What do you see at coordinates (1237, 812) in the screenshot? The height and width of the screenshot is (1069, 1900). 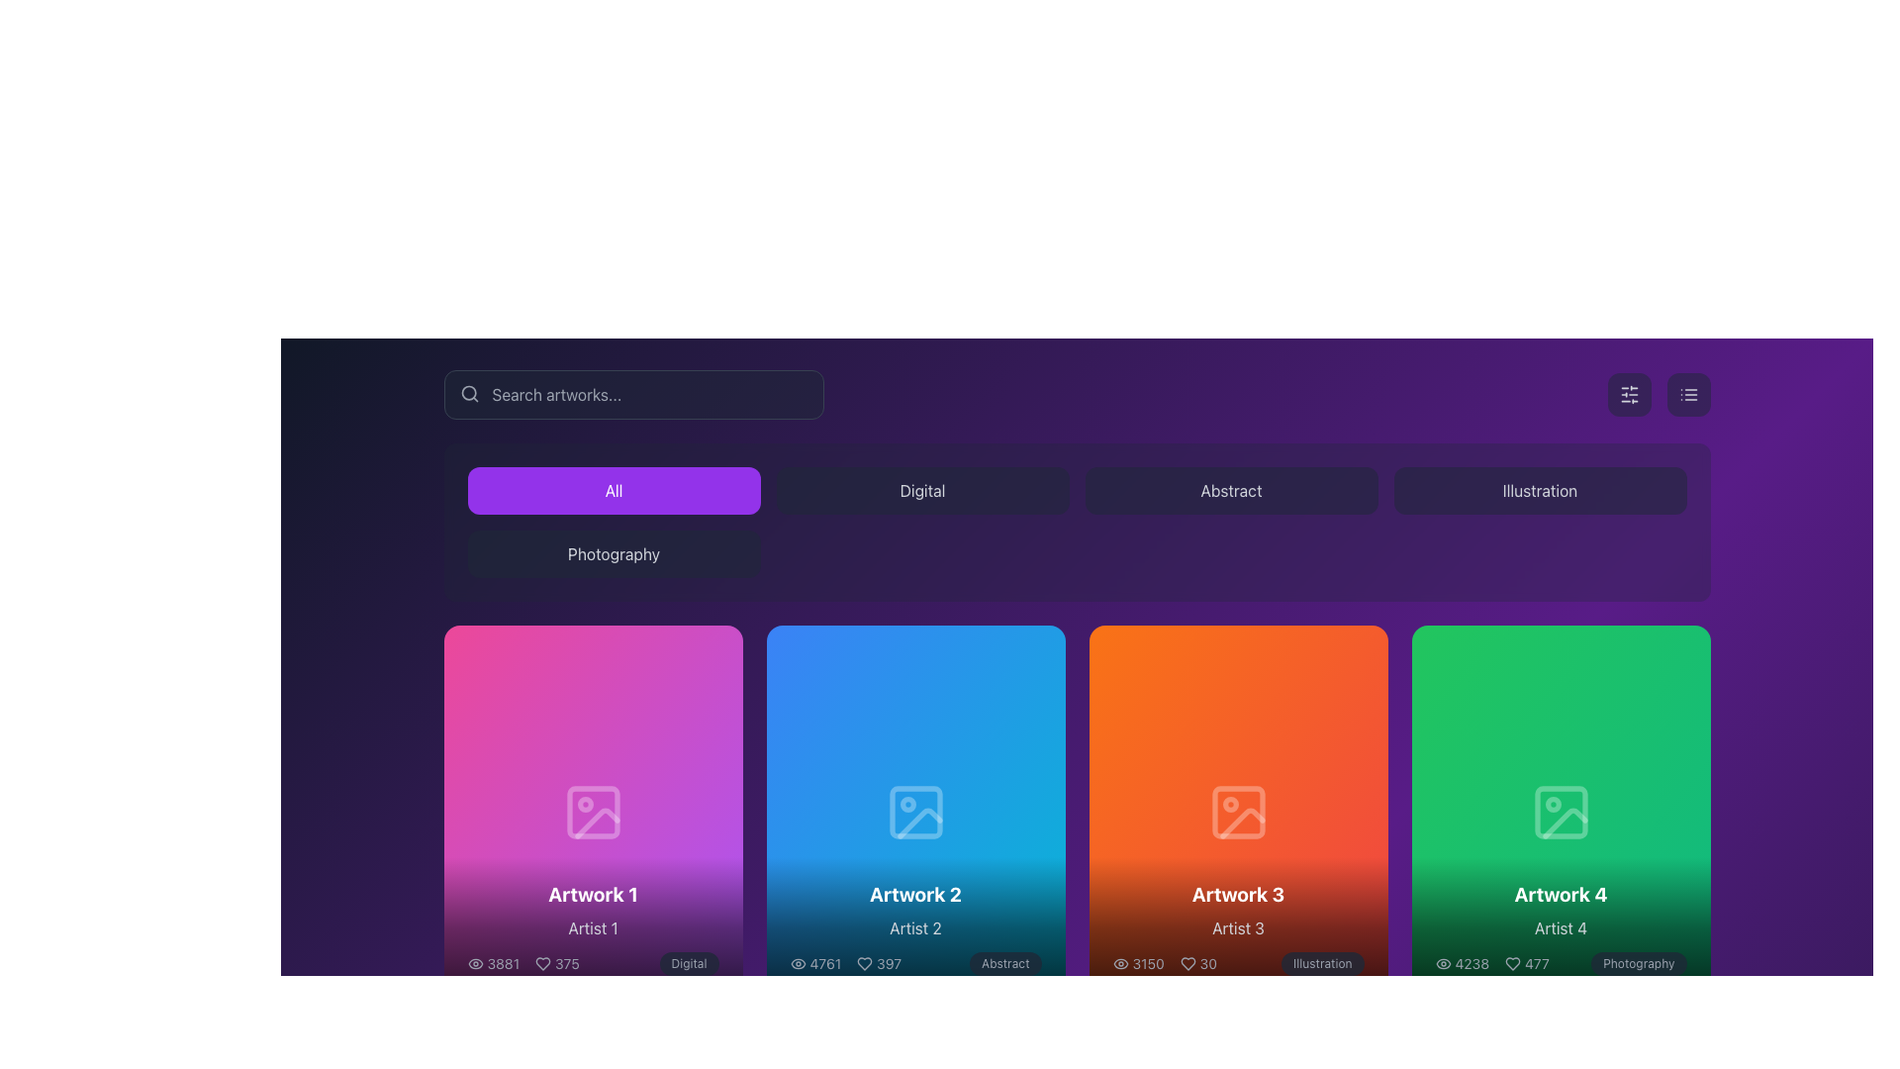 I see `the icon located within the third card that has an orange background` at bounding box center [1237, 812].